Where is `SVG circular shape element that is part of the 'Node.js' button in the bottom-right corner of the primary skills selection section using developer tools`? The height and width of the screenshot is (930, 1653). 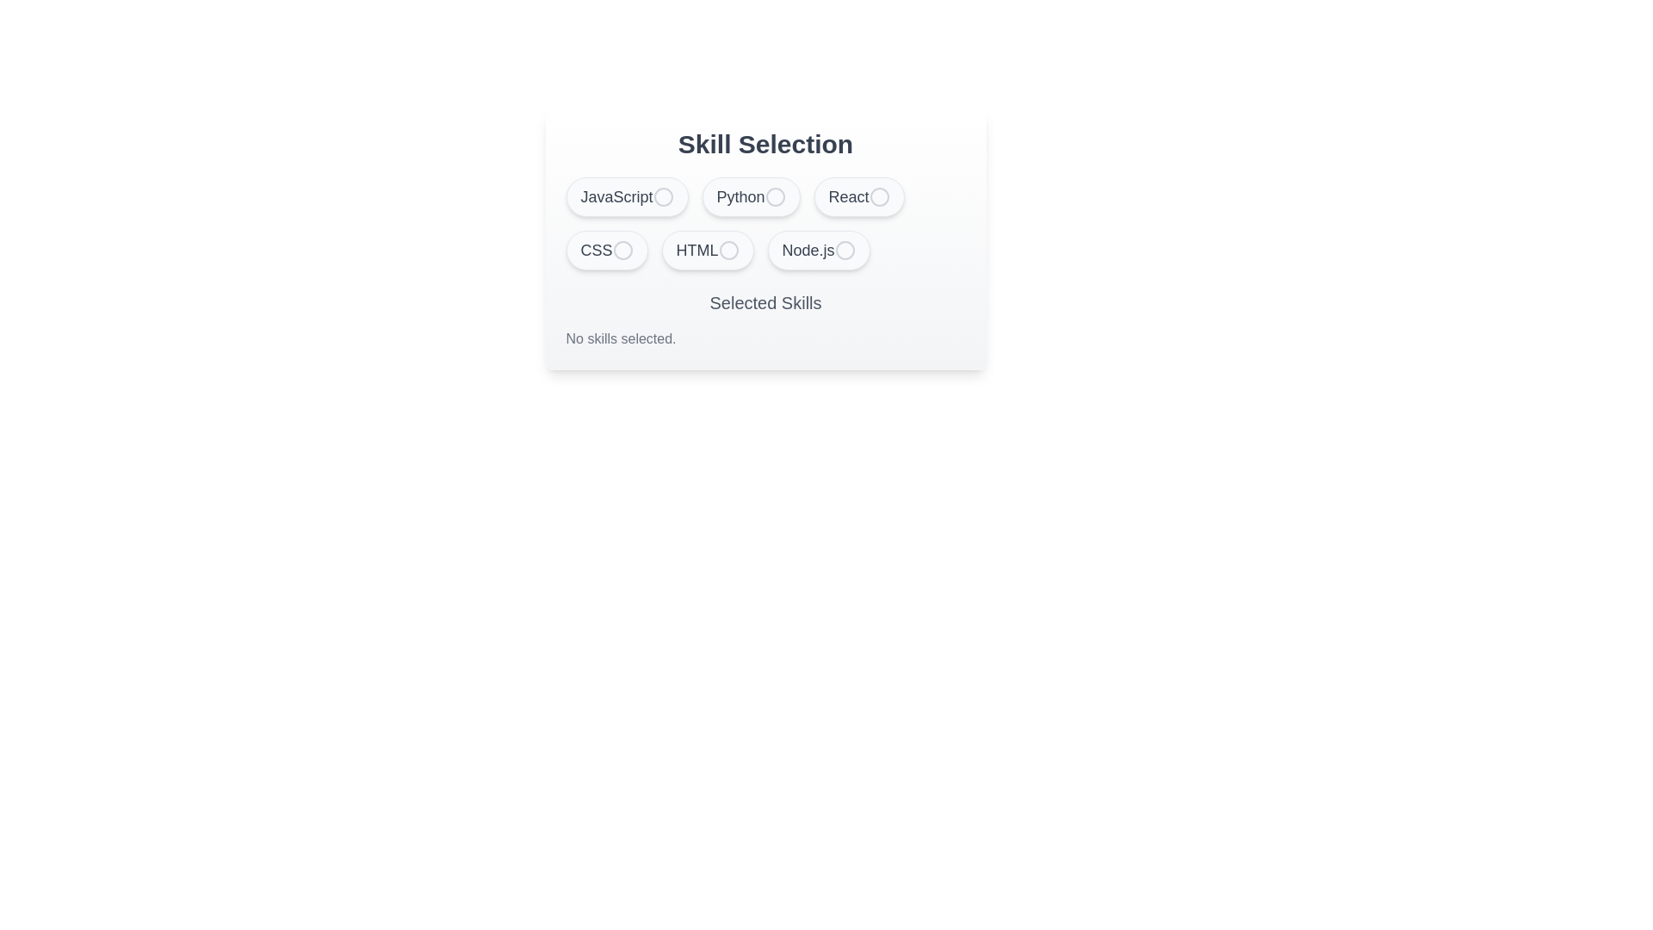 SVG circular shape element that is part of the 'Node.js' button in the bottom-right corner of the primary skills selection section using developer tools is located at coordinates (845, 250).